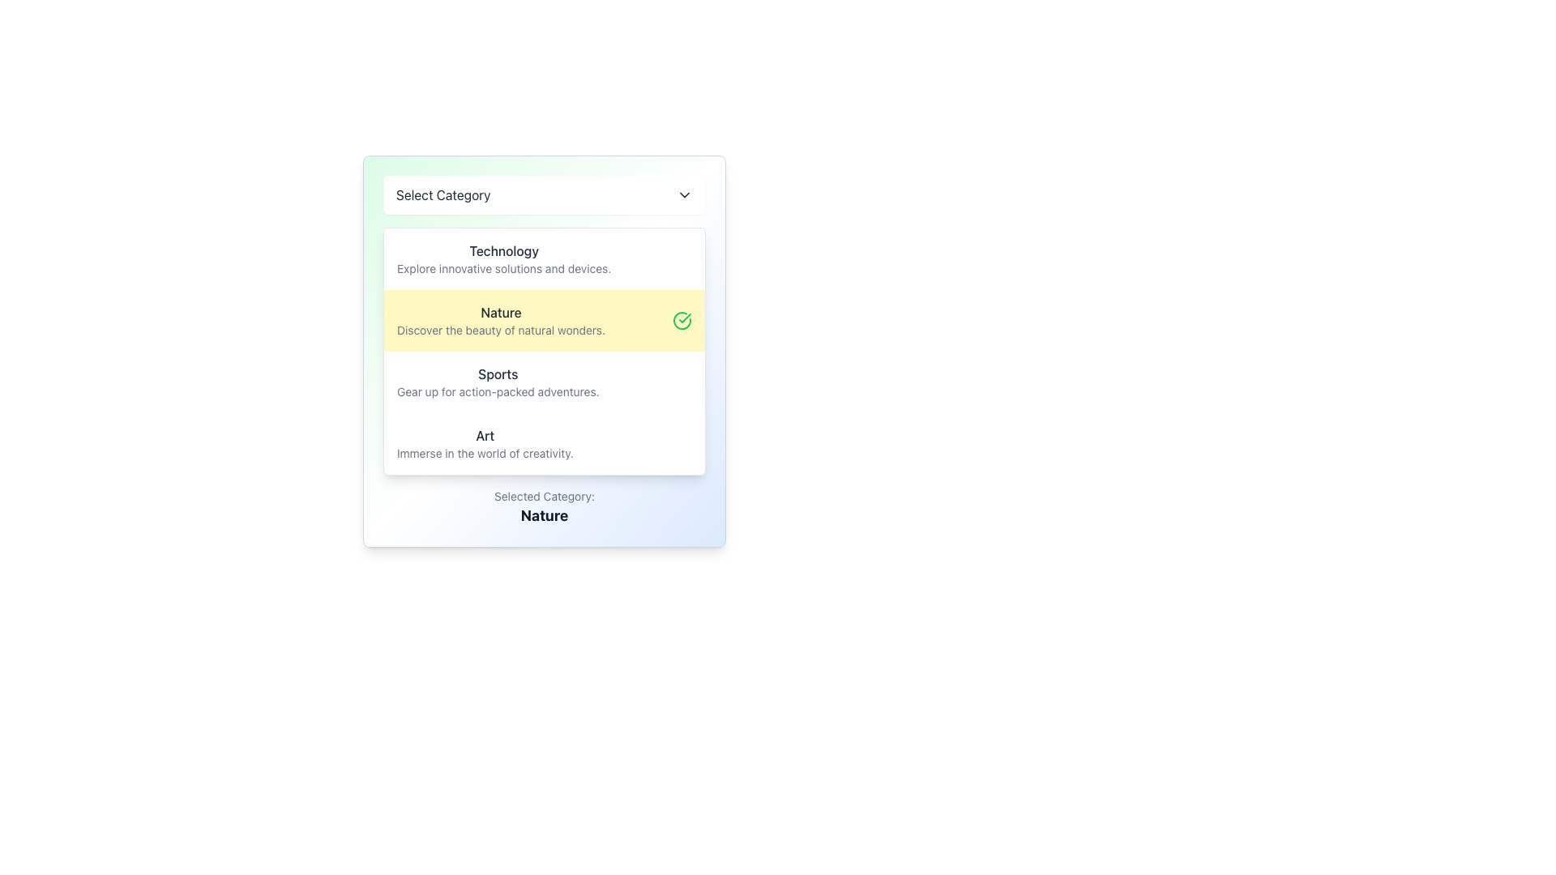  I want to click on the fourth Category item labeled 'Art' which contains a bold header and a description, so click(545, 443).